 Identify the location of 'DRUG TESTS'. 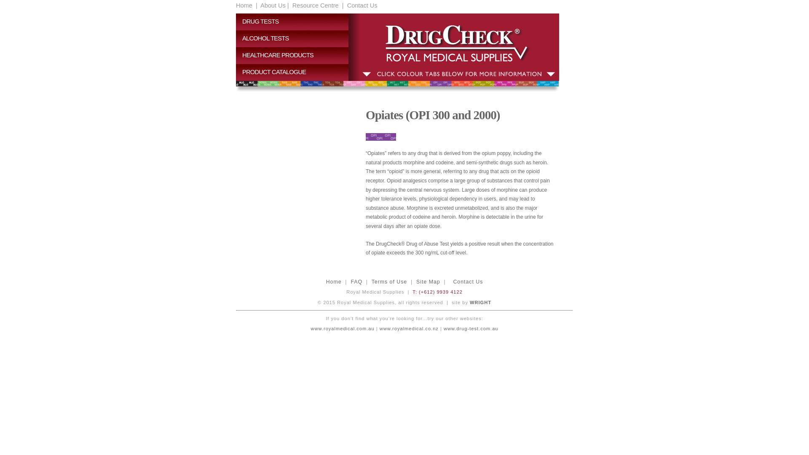
(296, 21).